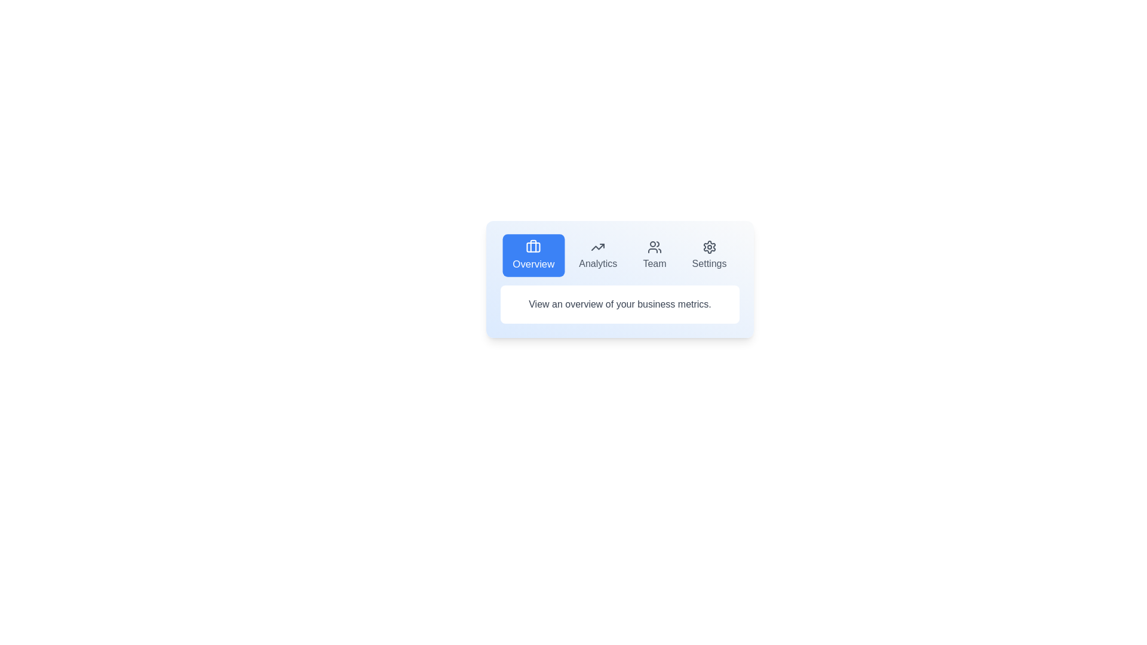  I want to click on the Team tab by clicking on its button, so click(654, 255).